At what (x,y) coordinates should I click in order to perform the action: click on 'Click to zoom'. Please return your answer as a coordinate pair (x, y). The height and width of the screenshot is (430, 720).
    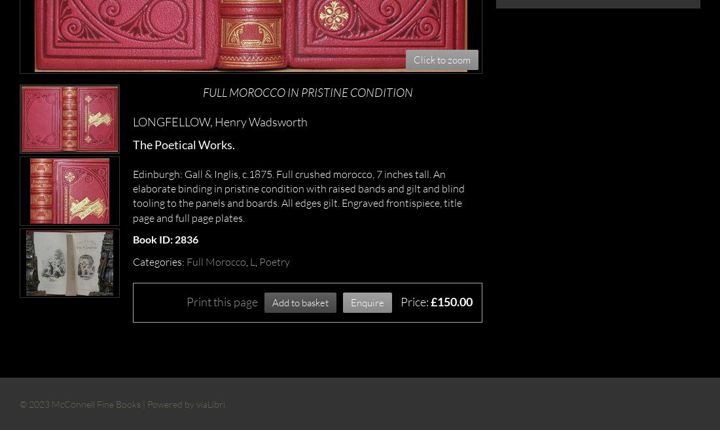
    Looking at the image, I should click on (442, 60).